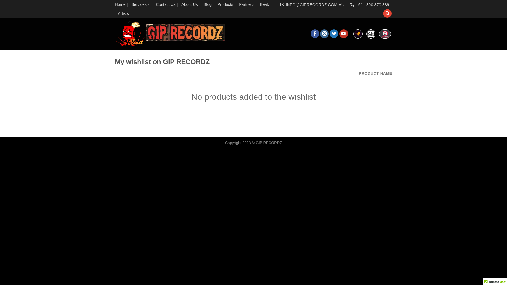  What do you see at coordinates (265, 4) in the screenshot?
I see `'Beatz'` at bounding box center [265, 4].